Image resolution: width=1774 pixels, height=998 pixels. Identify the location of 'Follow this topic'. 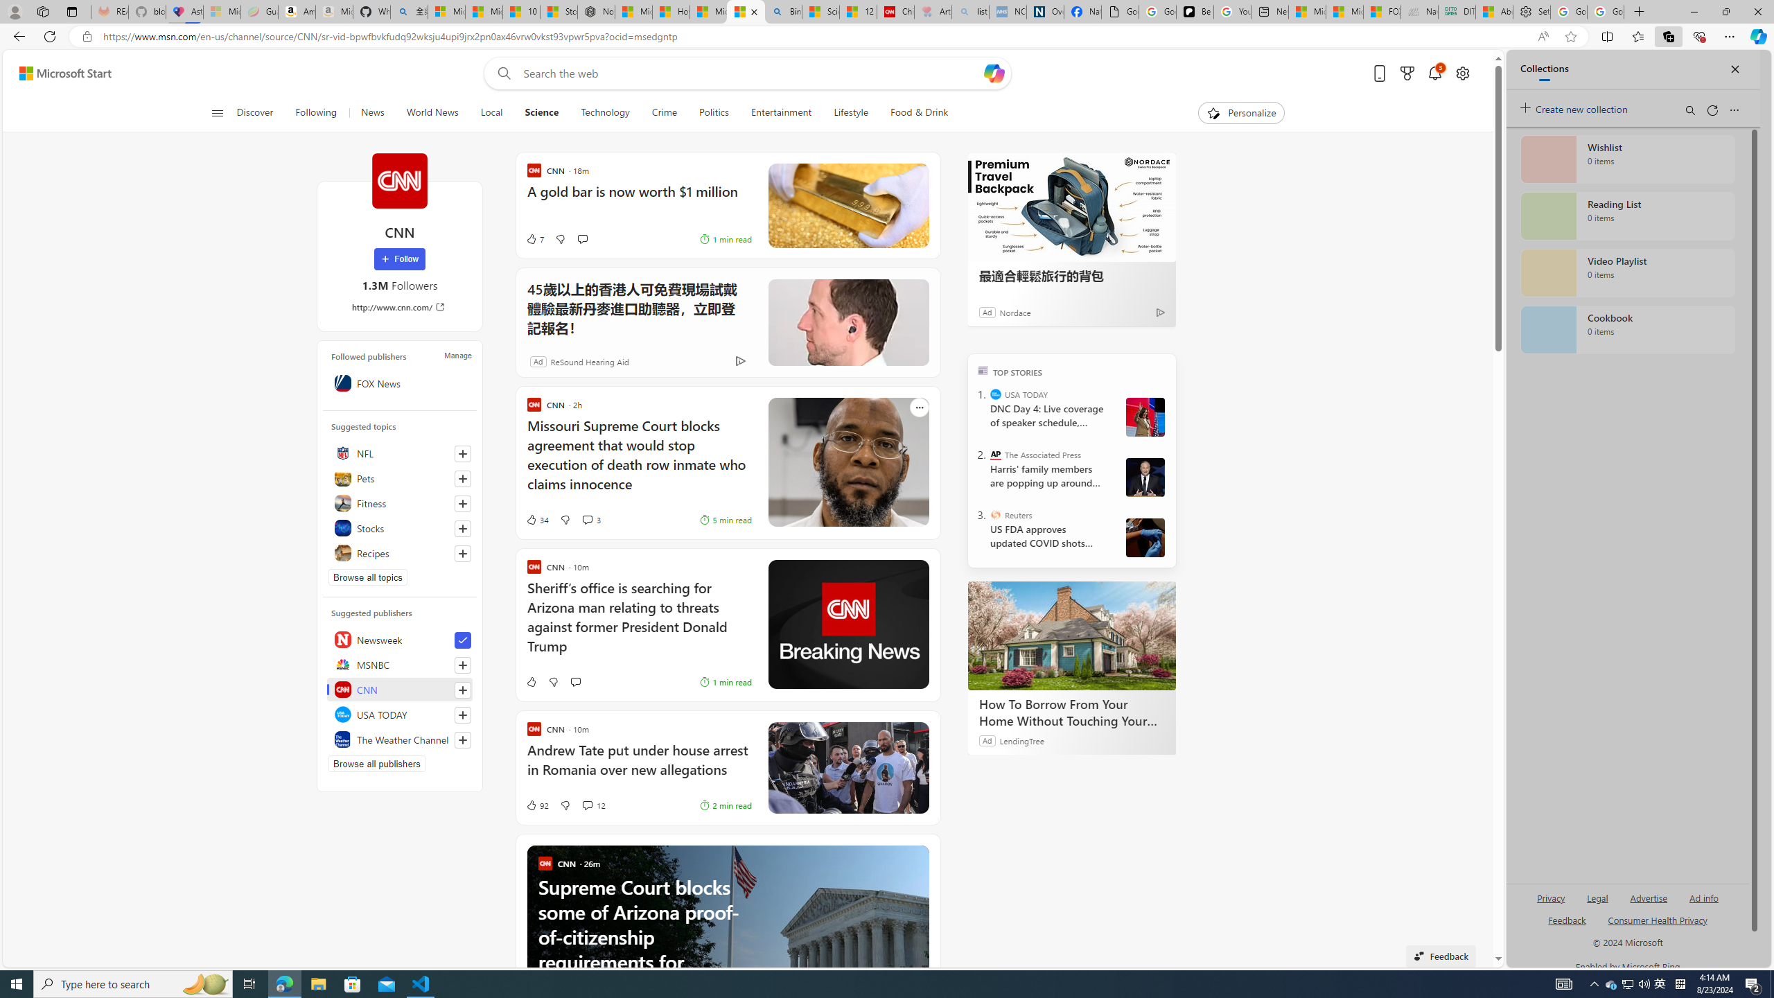
(463, 553).